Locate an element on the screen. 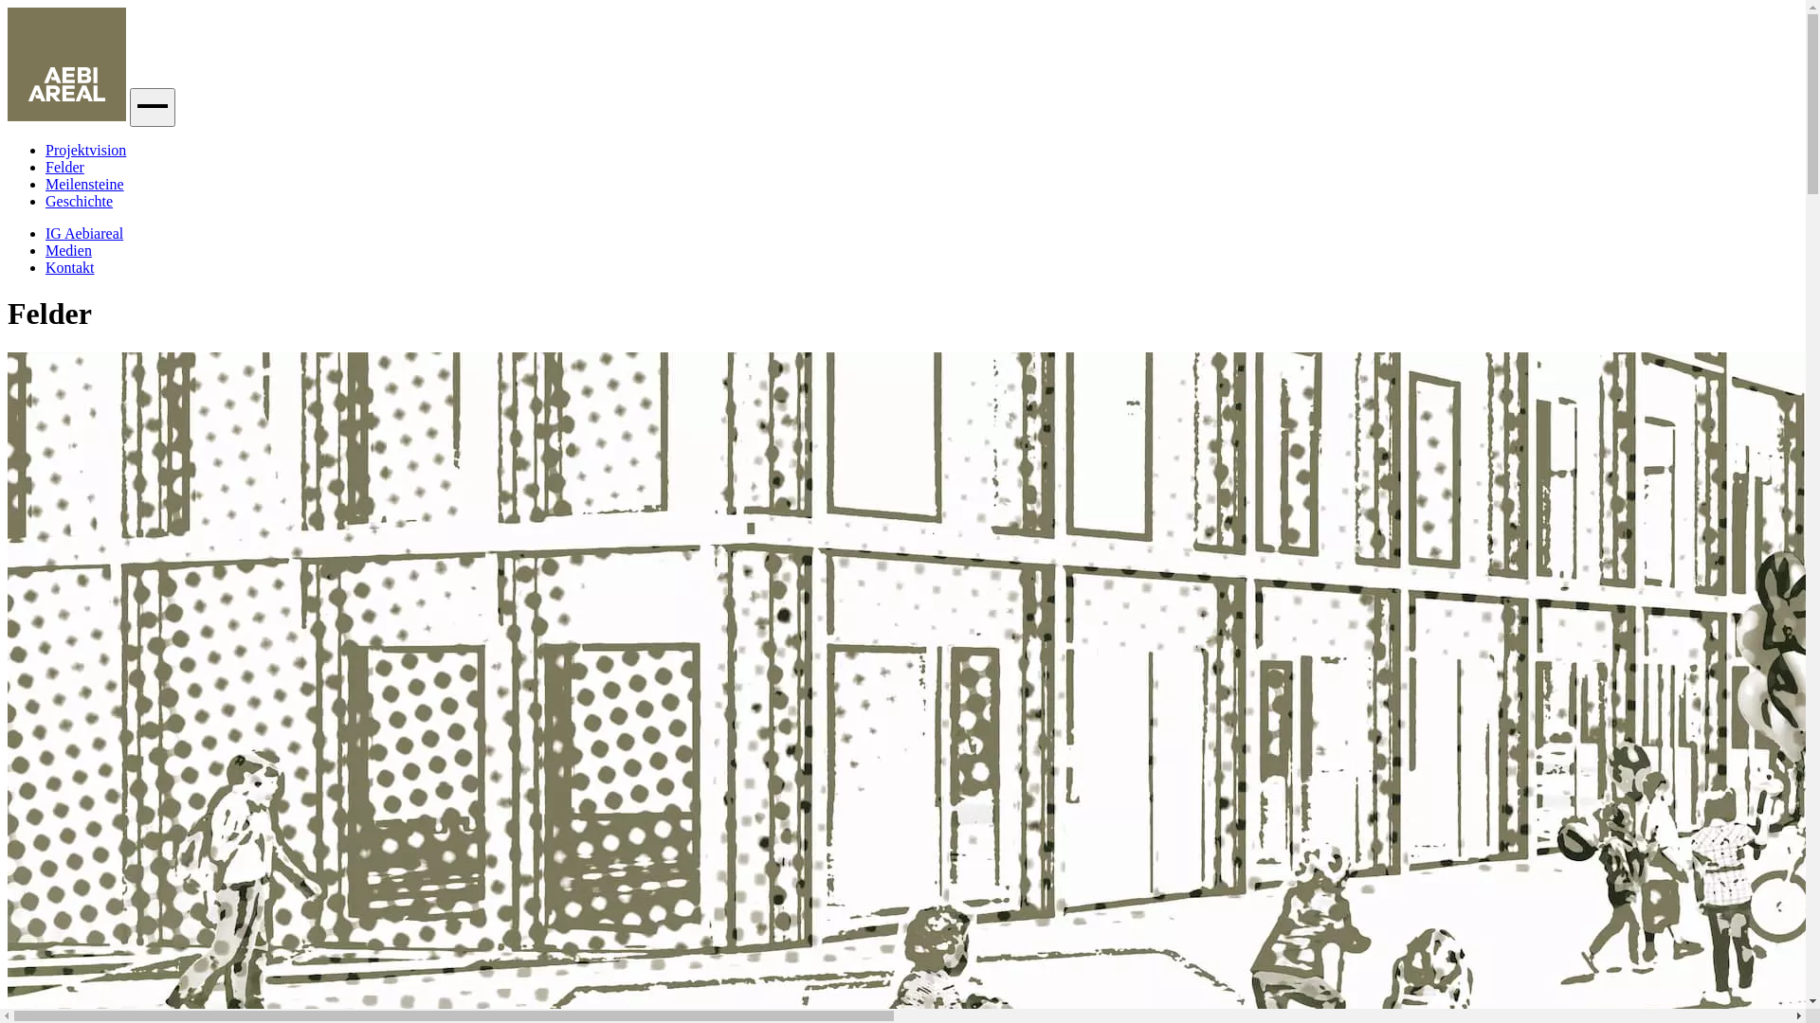  'Geschichte' is located at coordinates (78, 201).